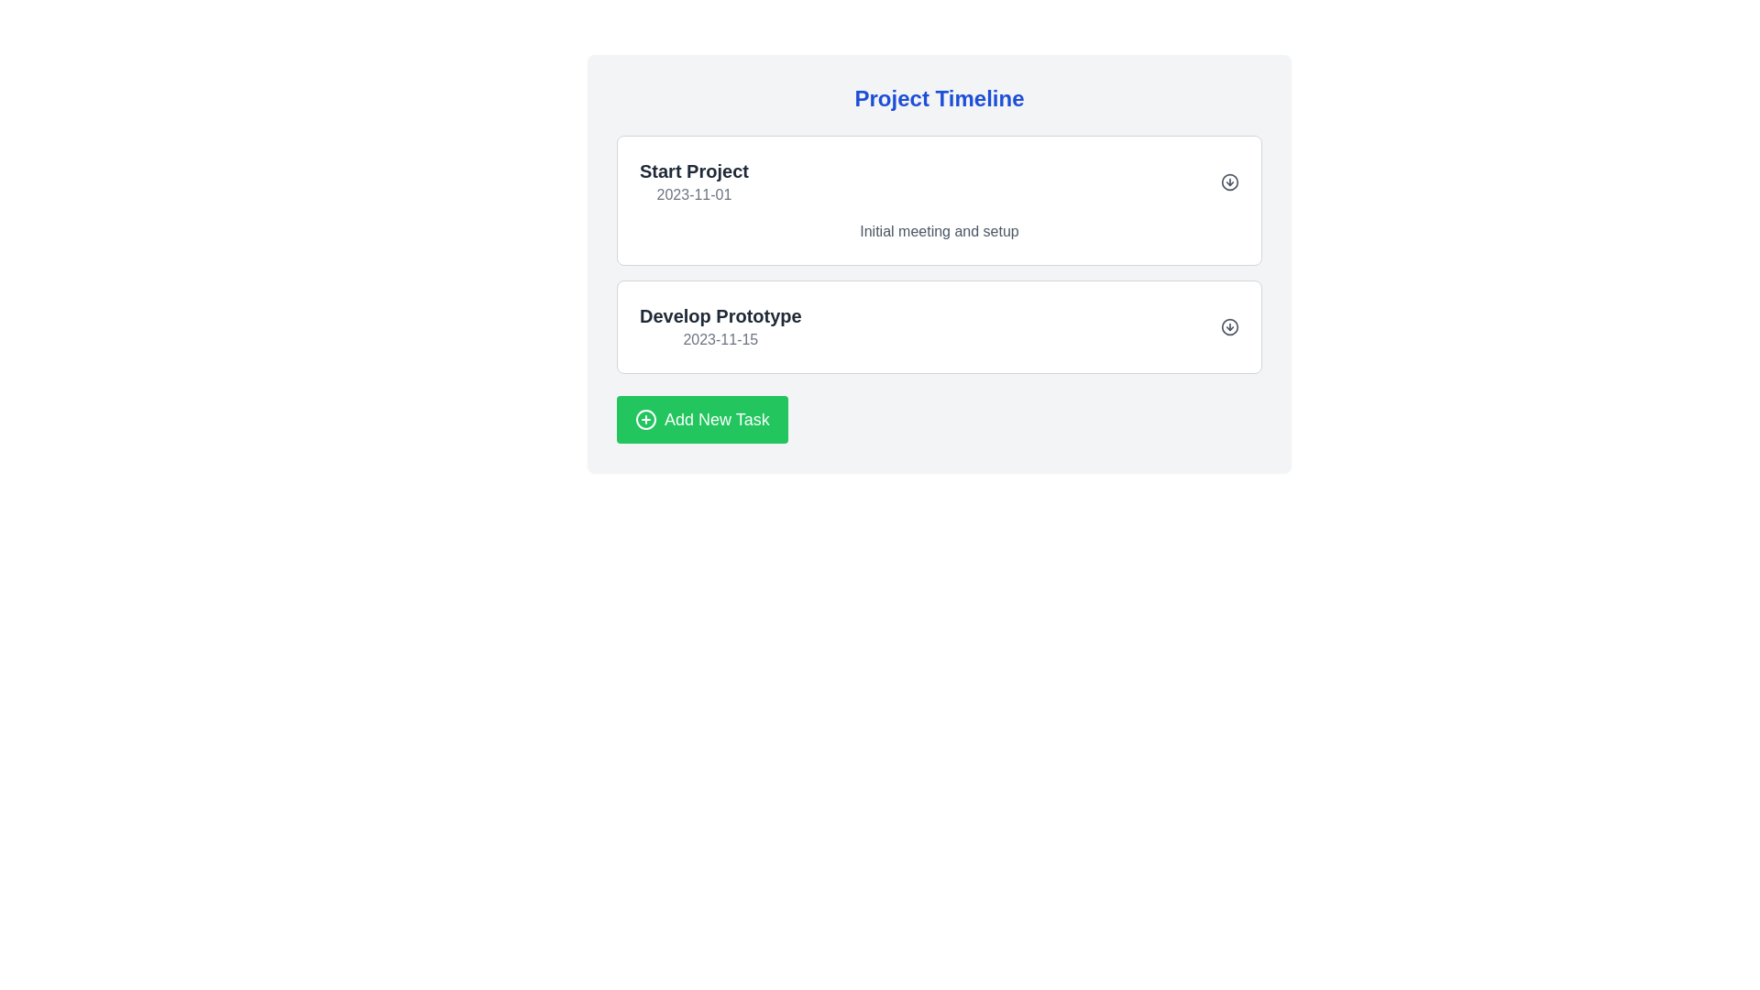  What do you see at coordinates (646, 420) in the screenshot?
I see `the decorative SVG graphic (circle shape) located centrally within the green 'Add New Task' button, positioned below the list of tasks` at bounding box center [646, 420].